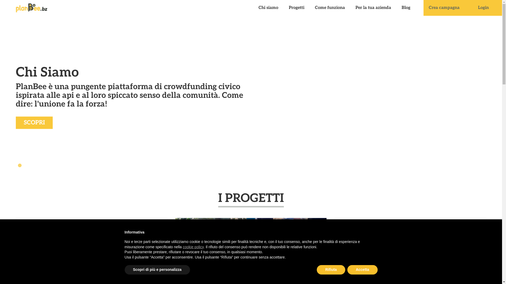  I want to click on 'Come funziona', so click(310, 8).